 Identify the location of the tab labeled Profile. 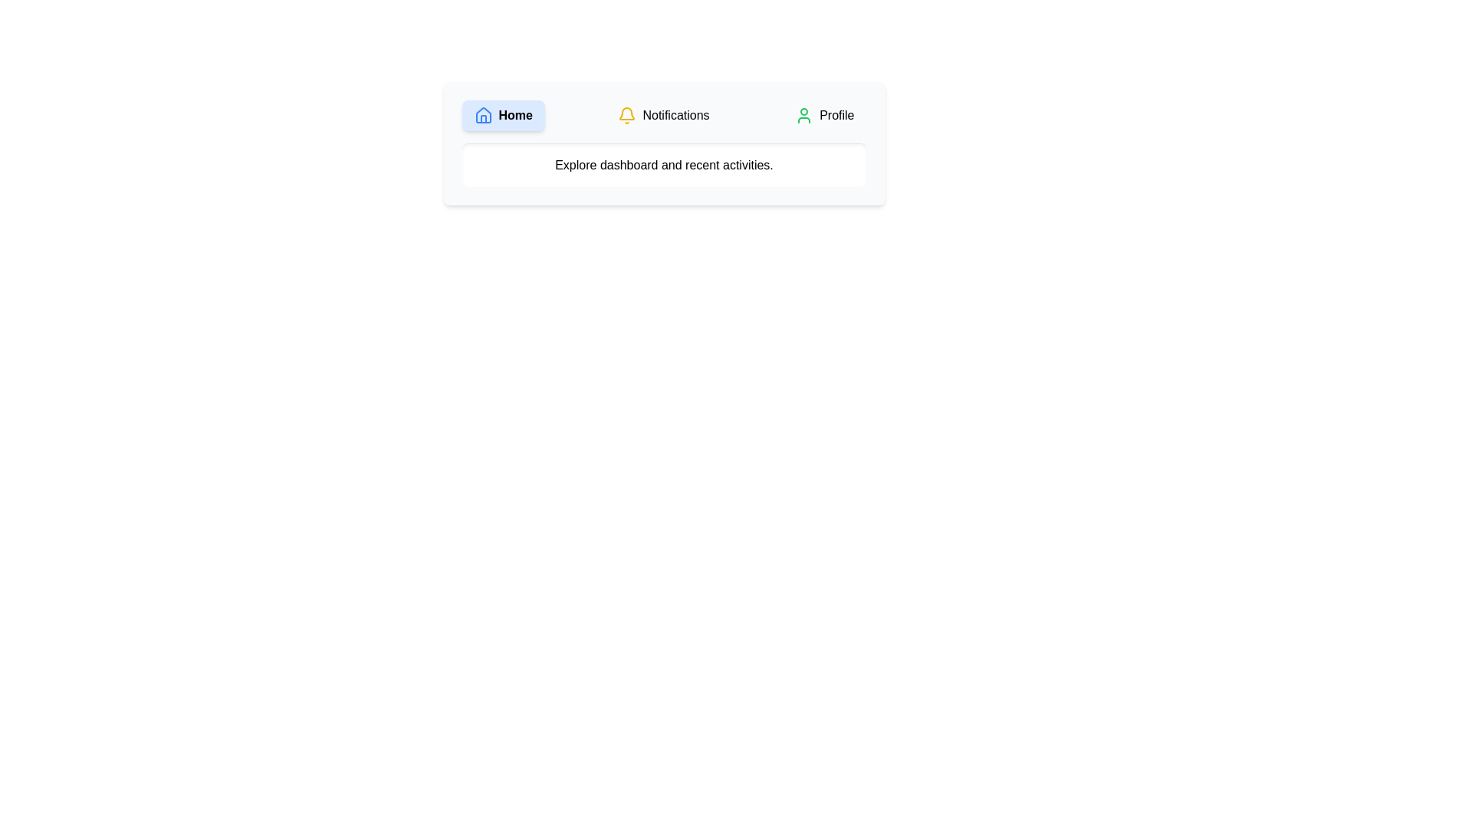
(823, 114).